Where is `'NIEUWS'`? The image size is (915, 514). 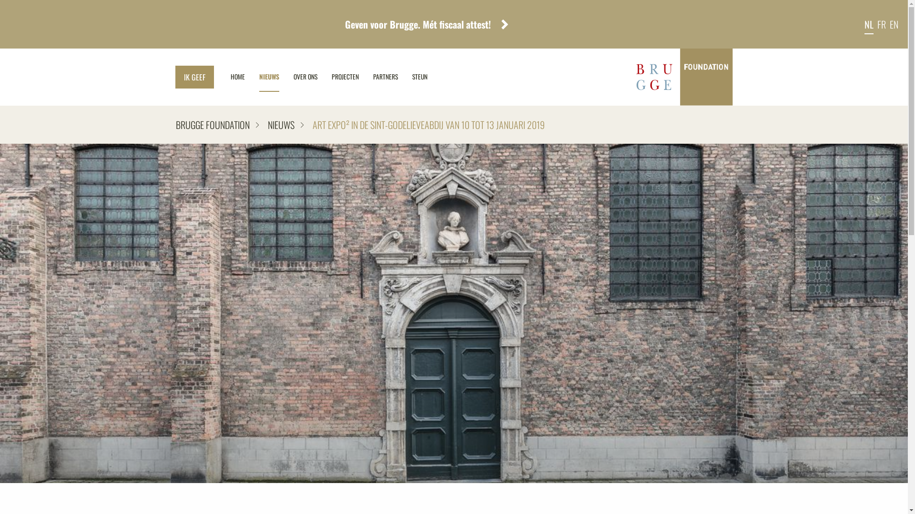
'NIEUWS' is located at coordinates (252, 77).